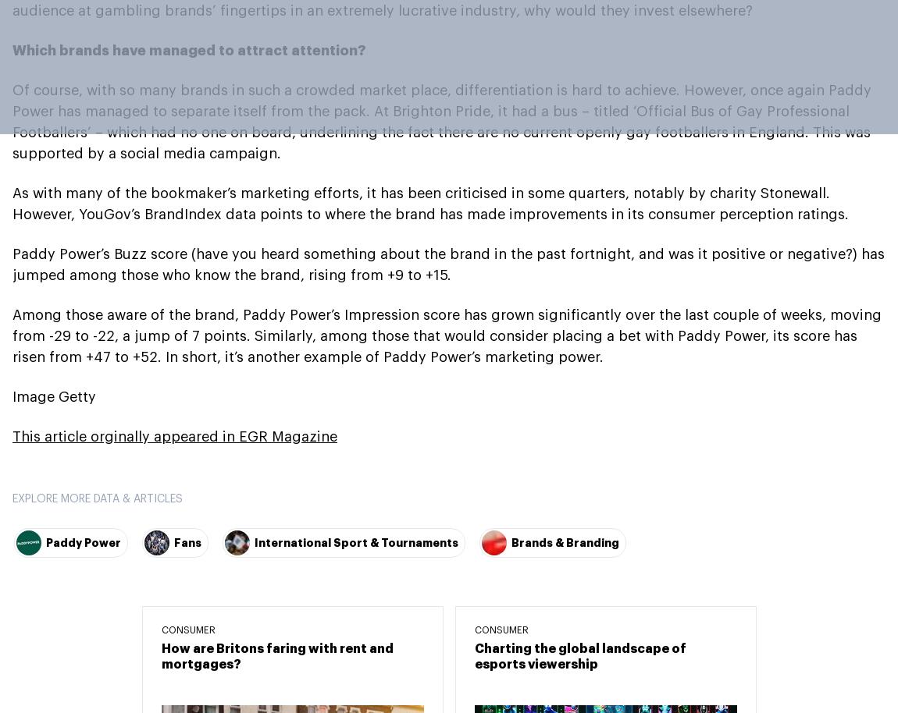 Image resolution: width=898 pixels, height=713 pixels. Describe the element at coordinates (187, 541) in the screenshot. I see `'Fans'` at that location.